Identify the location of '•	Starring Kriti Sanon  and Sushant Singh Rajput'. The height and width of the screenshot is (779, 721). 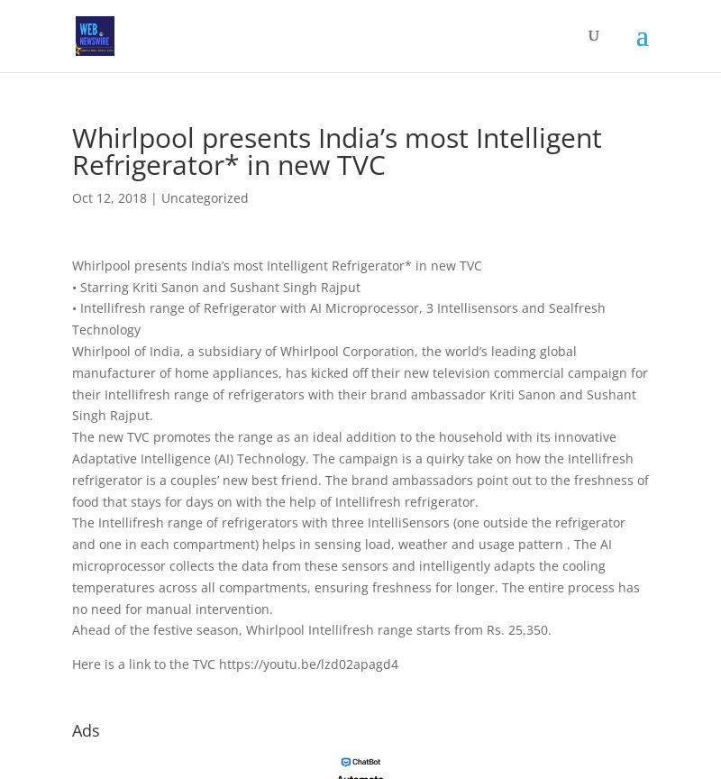
(72, 286).